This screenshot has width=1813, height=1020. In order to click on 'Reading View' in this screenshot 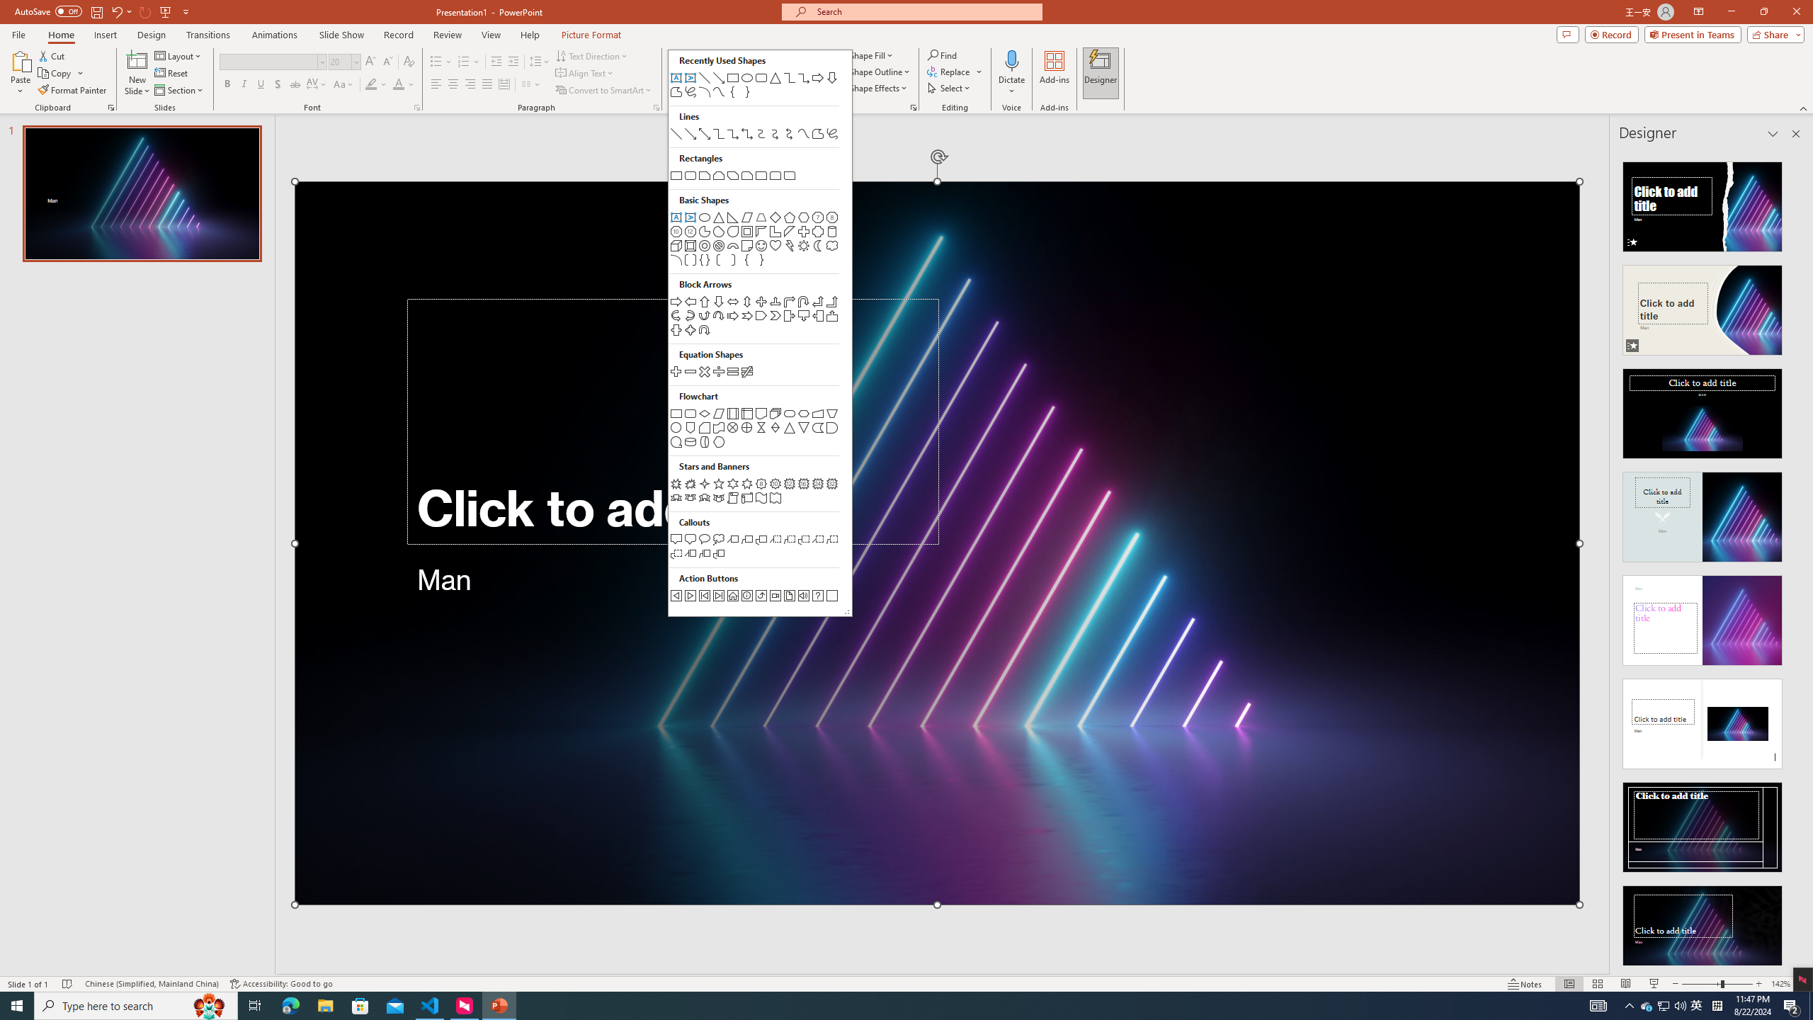, I will do `click(1625, 984)`.